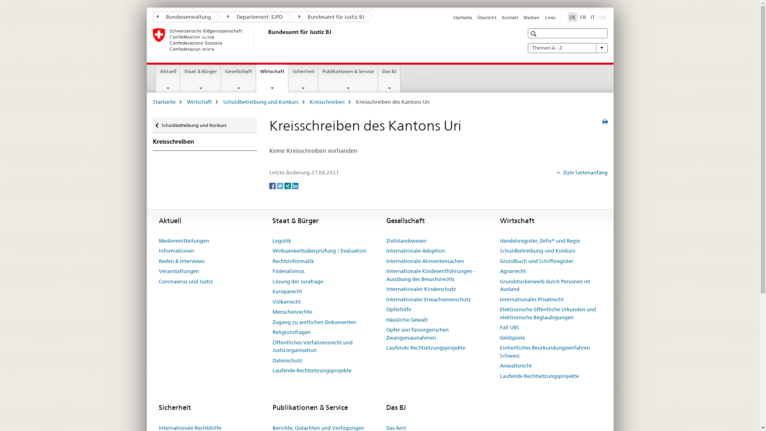  I want to click on 'Datenschutz', so click(287, 360).